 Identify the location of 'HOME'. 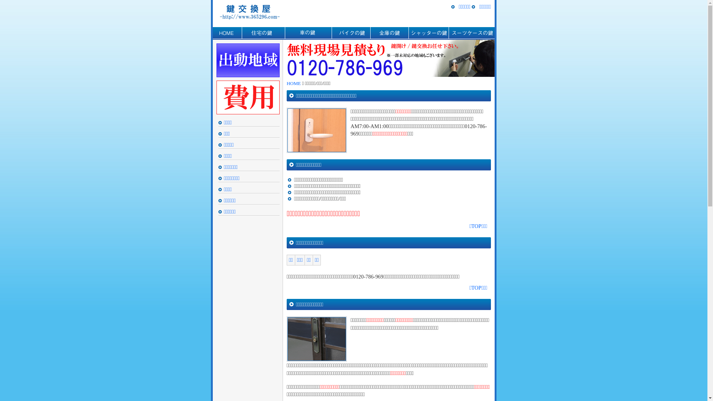
(293, 83).